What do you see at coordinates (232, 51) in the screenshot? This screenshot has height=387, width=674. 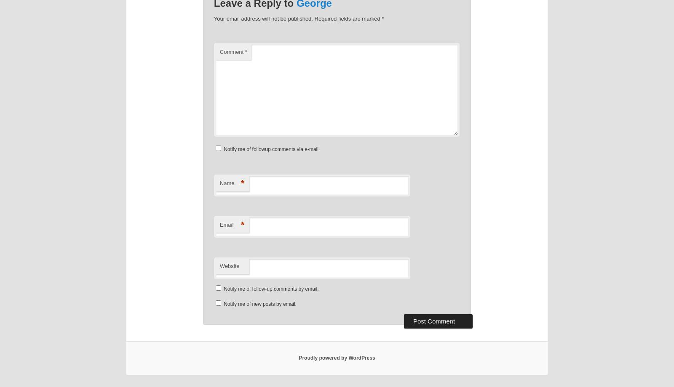 I see `'Comment'` at bounding box center [232, 51].